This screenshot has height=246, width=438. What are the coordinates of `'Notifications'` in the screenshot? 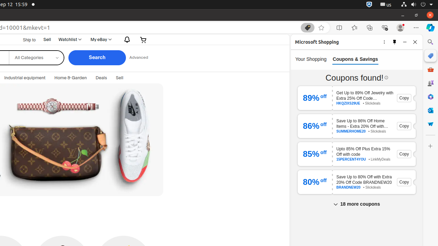 It's located at (125, 39).